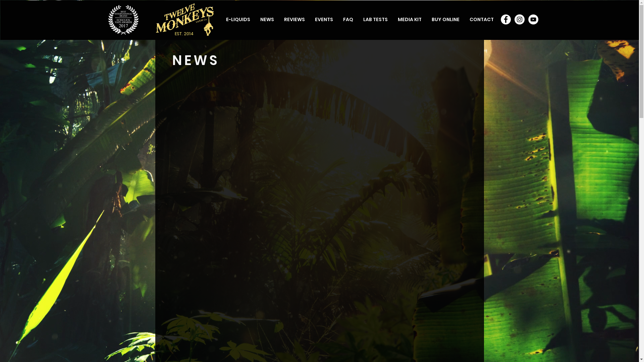 Image resolution: width=644 pixels, height=362 pixels. I want to click on 'FAQ', so click(348, 19).